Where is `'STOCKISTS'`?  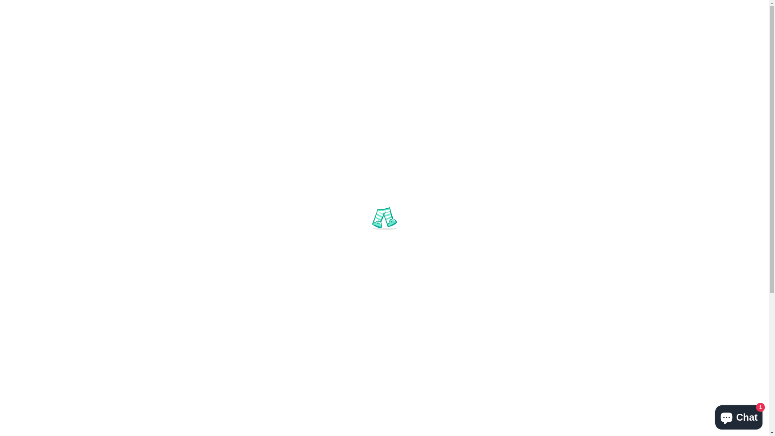 'STOCKISTS' is located at coordinates (375, 112).